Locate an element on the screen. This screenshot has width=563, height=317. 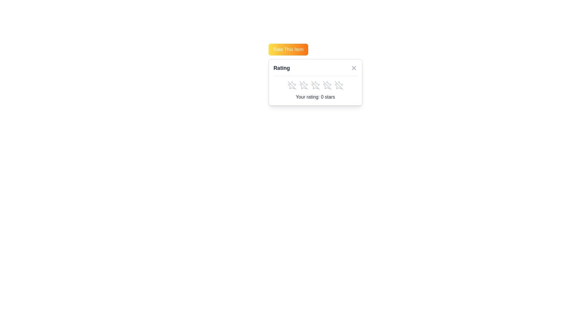
properties of the third star segment in the inactive star icon representing a zero or partial rating in the star rating system is located at coordinates (314, 86).